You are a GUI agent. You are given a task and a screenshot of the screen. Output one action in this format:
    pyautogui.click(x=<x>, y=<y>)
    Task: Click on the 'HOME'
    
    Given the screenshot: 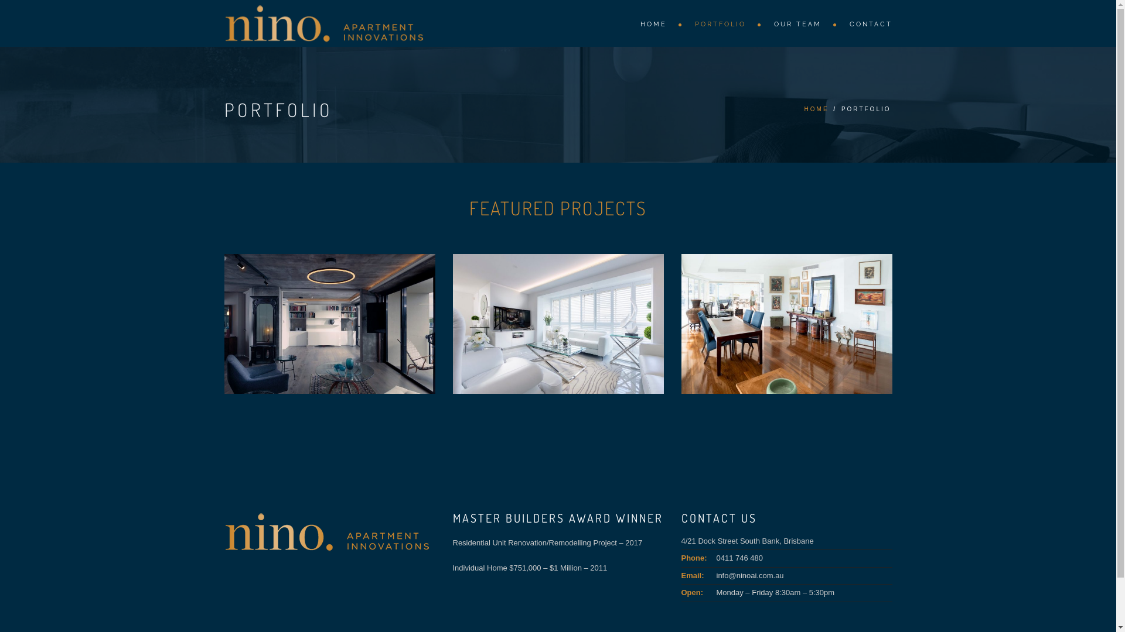 What is the action you would take?
    pyautogui.click(x=654, y=23)
    